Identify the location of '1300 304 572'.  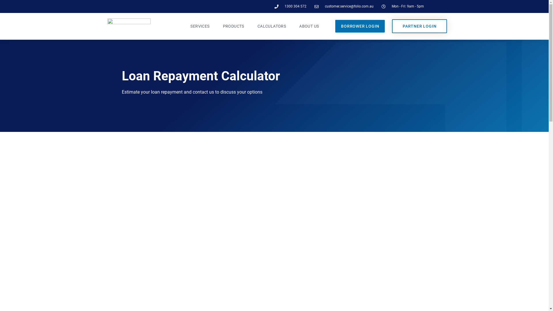
(290, 7).